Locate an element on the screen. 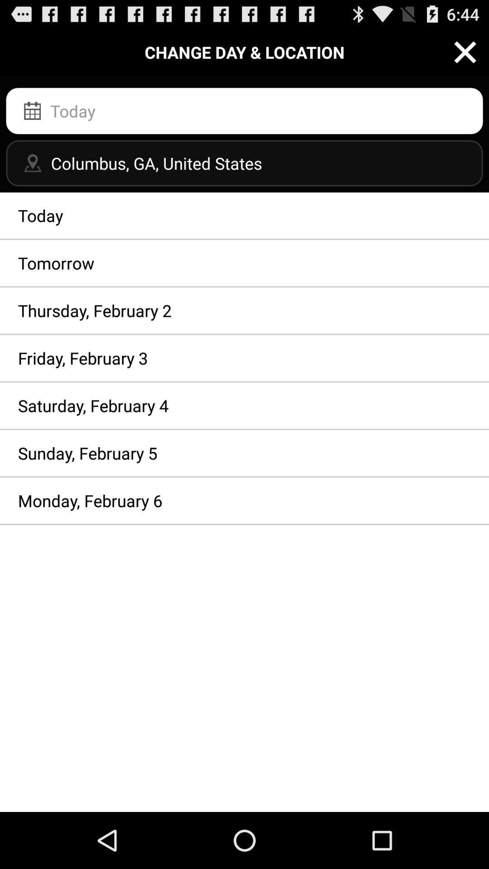 This screenshot has height=869, width=489. today item is located at coordinates (244, 215).